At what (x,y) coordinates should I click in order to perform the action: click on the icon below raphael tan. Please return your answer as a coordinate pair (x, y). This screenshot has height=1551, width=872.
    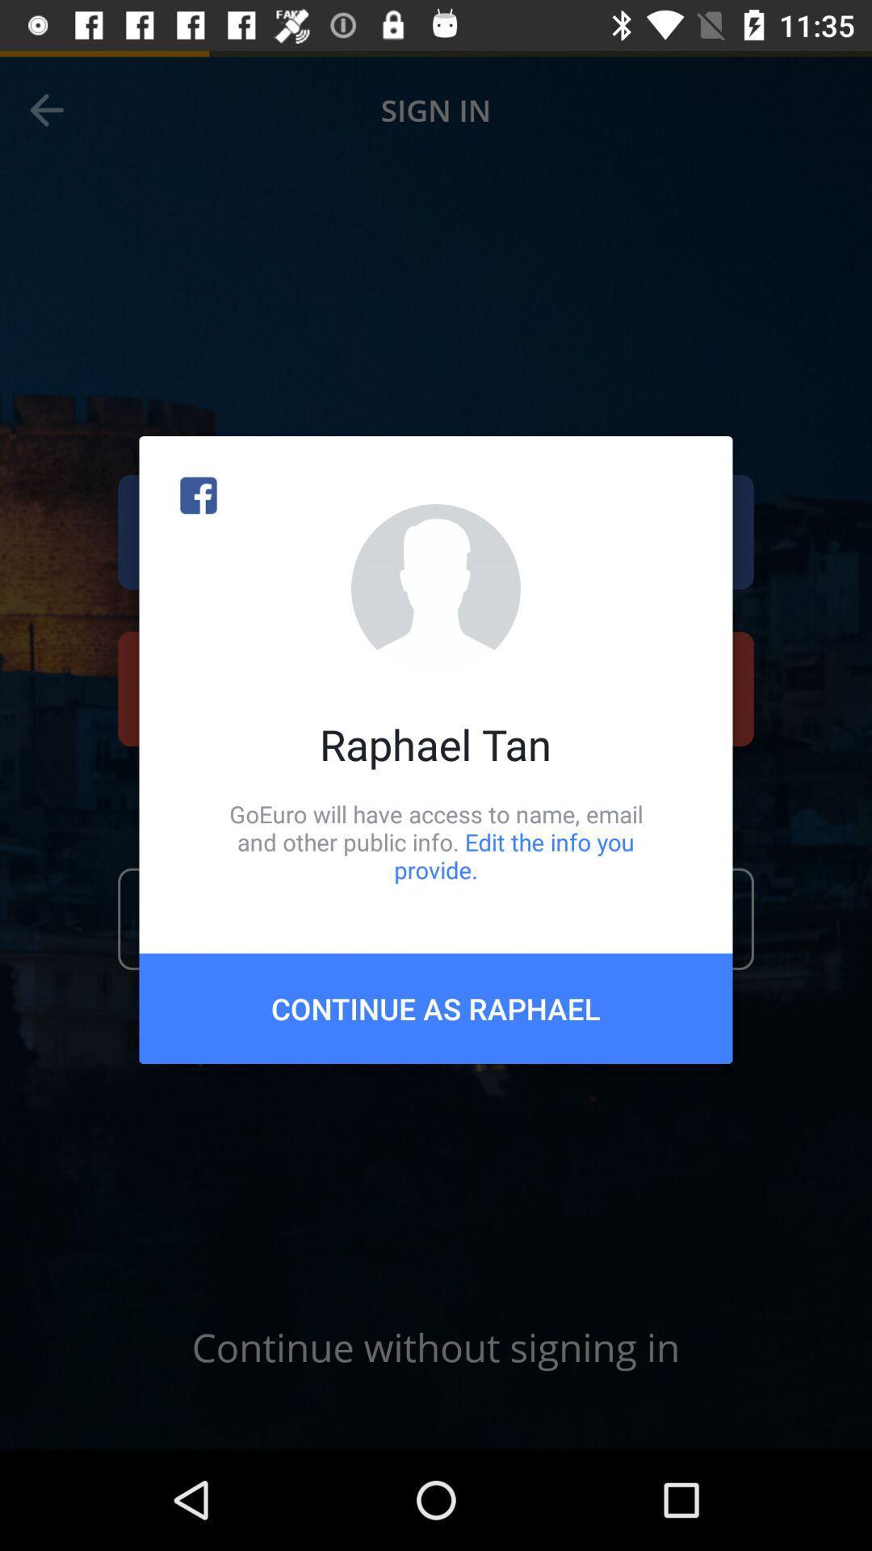
    Looking at the image, I should click on (436, 841).